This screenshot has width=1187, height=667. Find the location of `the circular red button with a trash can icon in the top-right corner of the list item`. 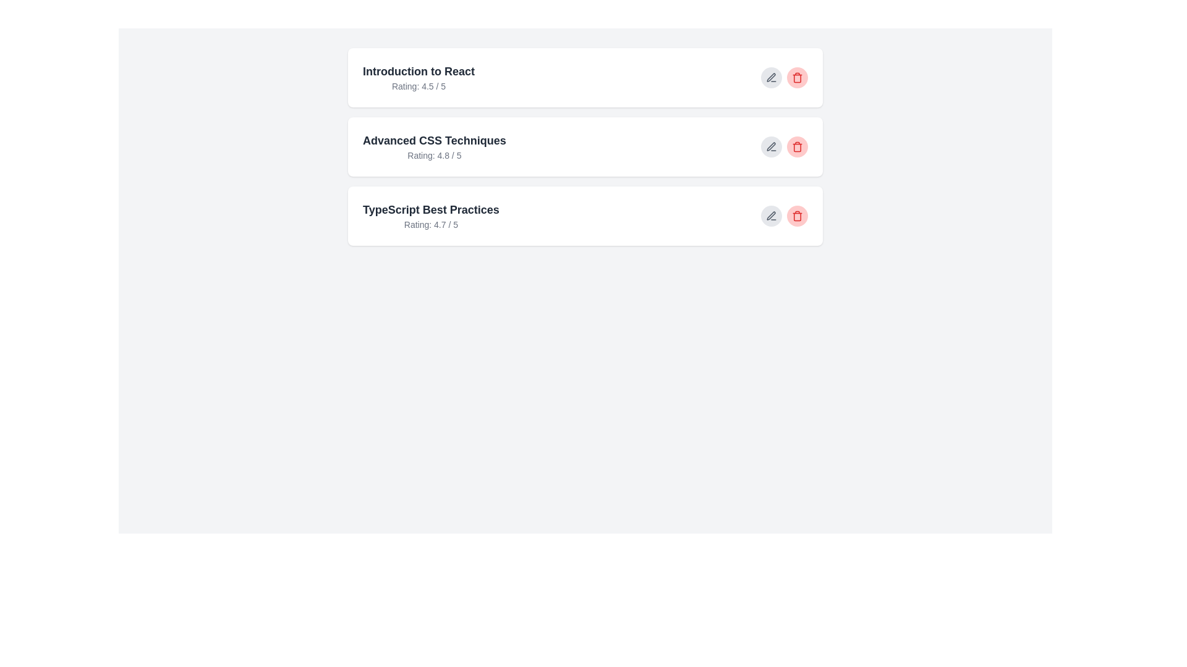

the circular red button with a trash can icon in the top-right corner of the list item is located at coordinates (798, 216).